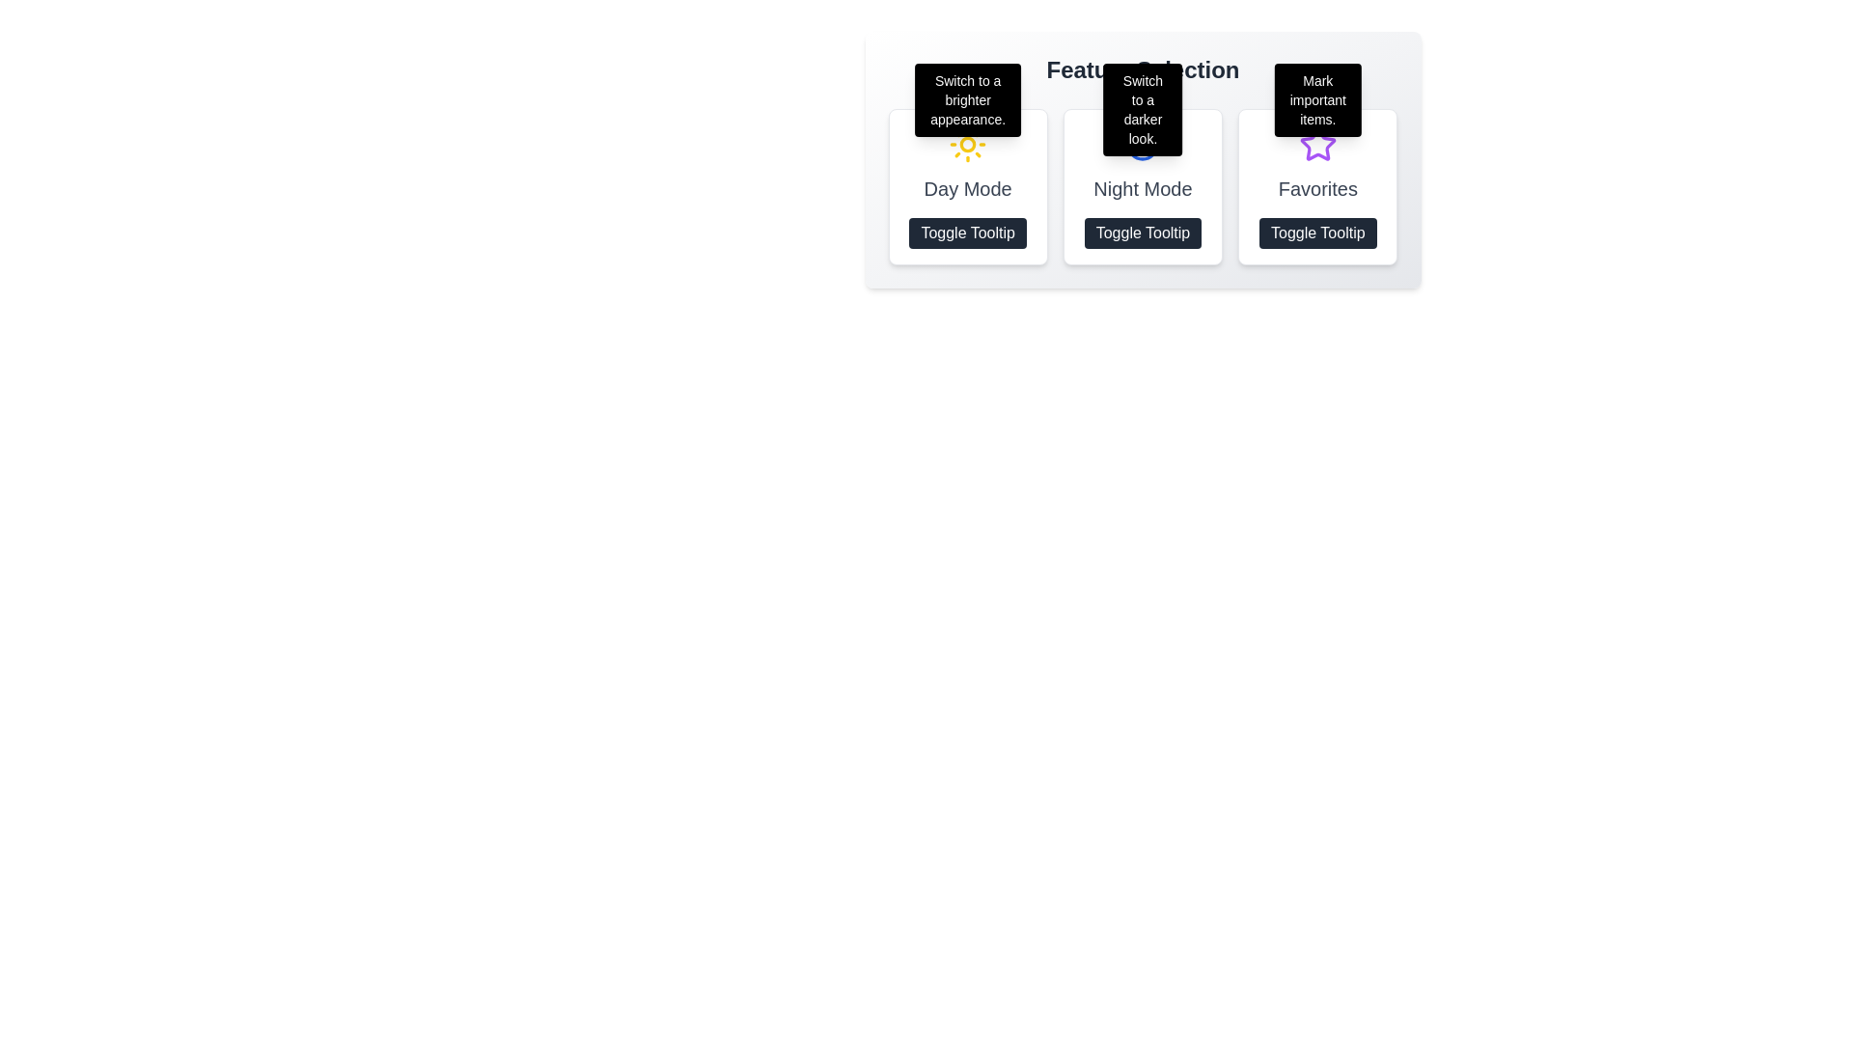 Image resolution: width=1853 pixels, height=1042 pixels. I want to click on the sun icon, which is the first item in a row of three visual feature indicators, so click(968, 144).